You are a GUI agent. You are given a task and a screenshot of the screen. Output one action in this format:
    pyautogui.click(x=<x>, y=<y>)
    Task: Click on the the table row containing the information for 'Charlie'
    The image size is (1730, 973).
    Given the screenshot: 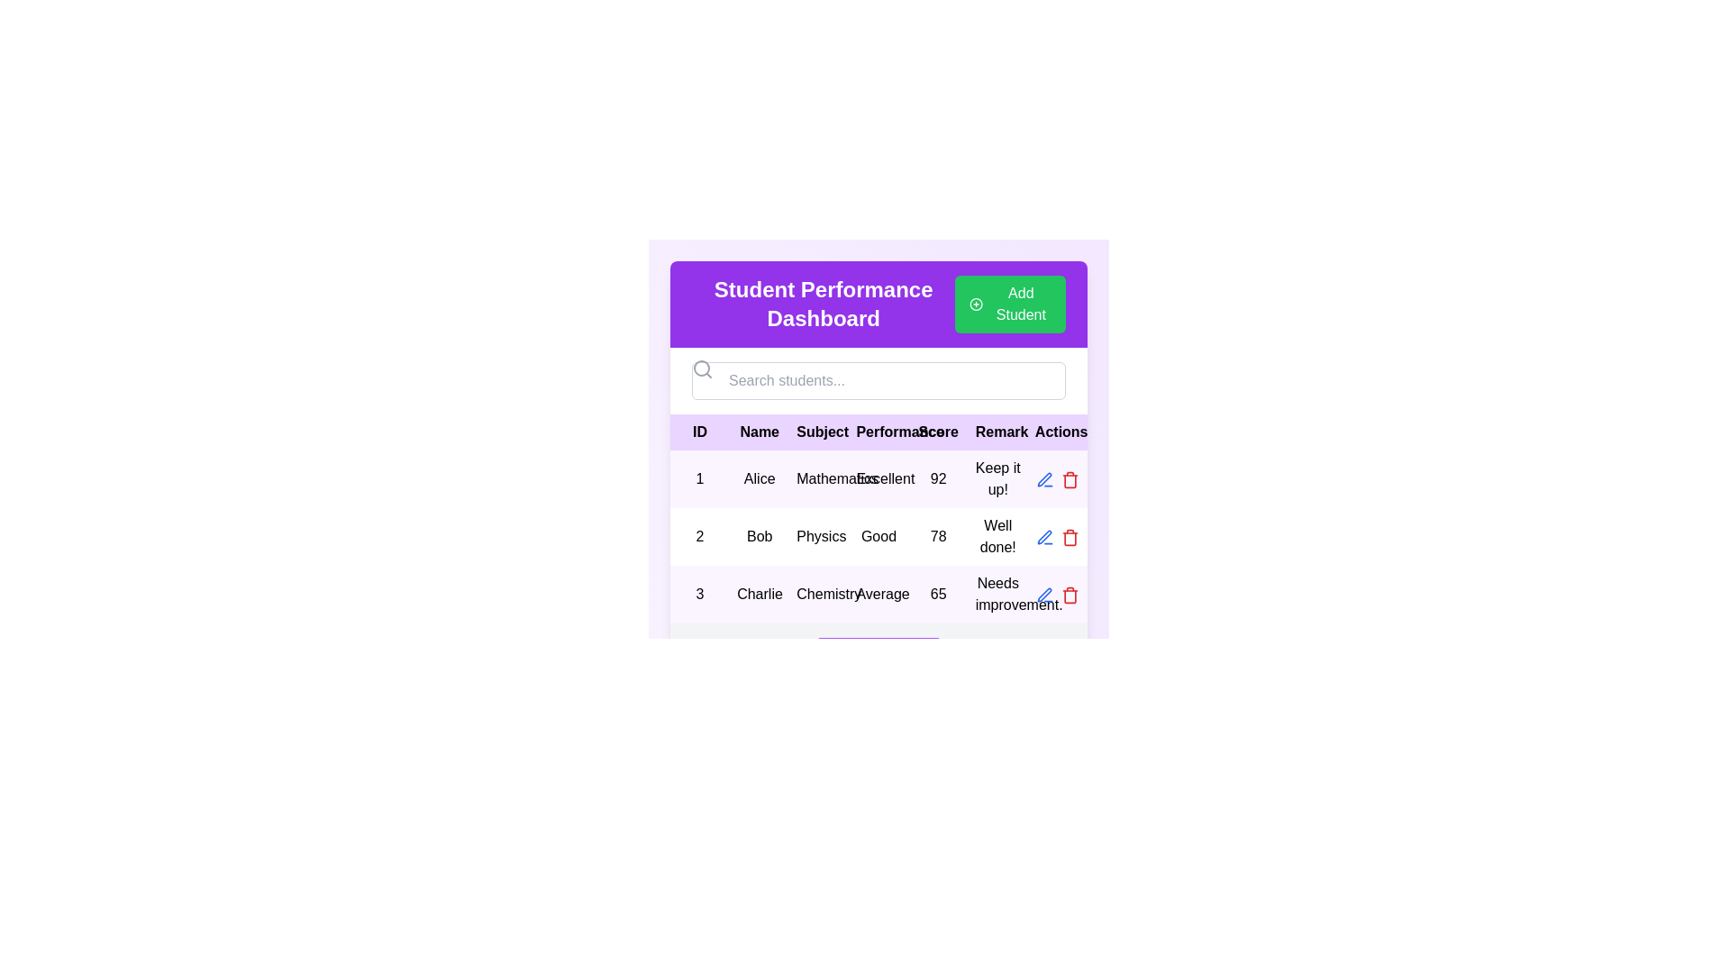 What is the action you would take?
    pyautogui.click(x=879, y=594)
    